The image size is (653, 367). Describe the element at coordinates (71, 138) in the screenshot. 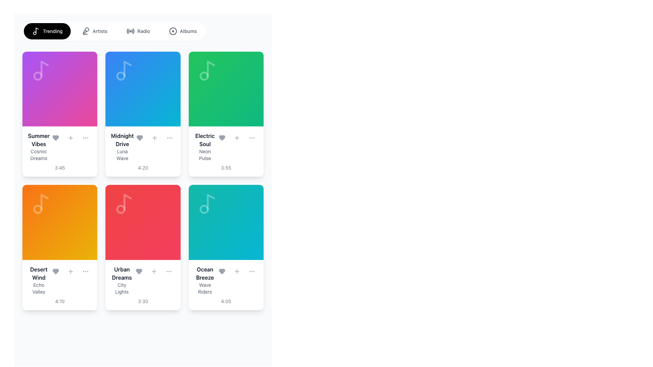

I see `the interactive button for adding content to the user's collection, located on the 'Summer Vibes' card in the first column and first row of the grid layout, positioned between the heart-shaped button and the three-dot menu button` at that location.